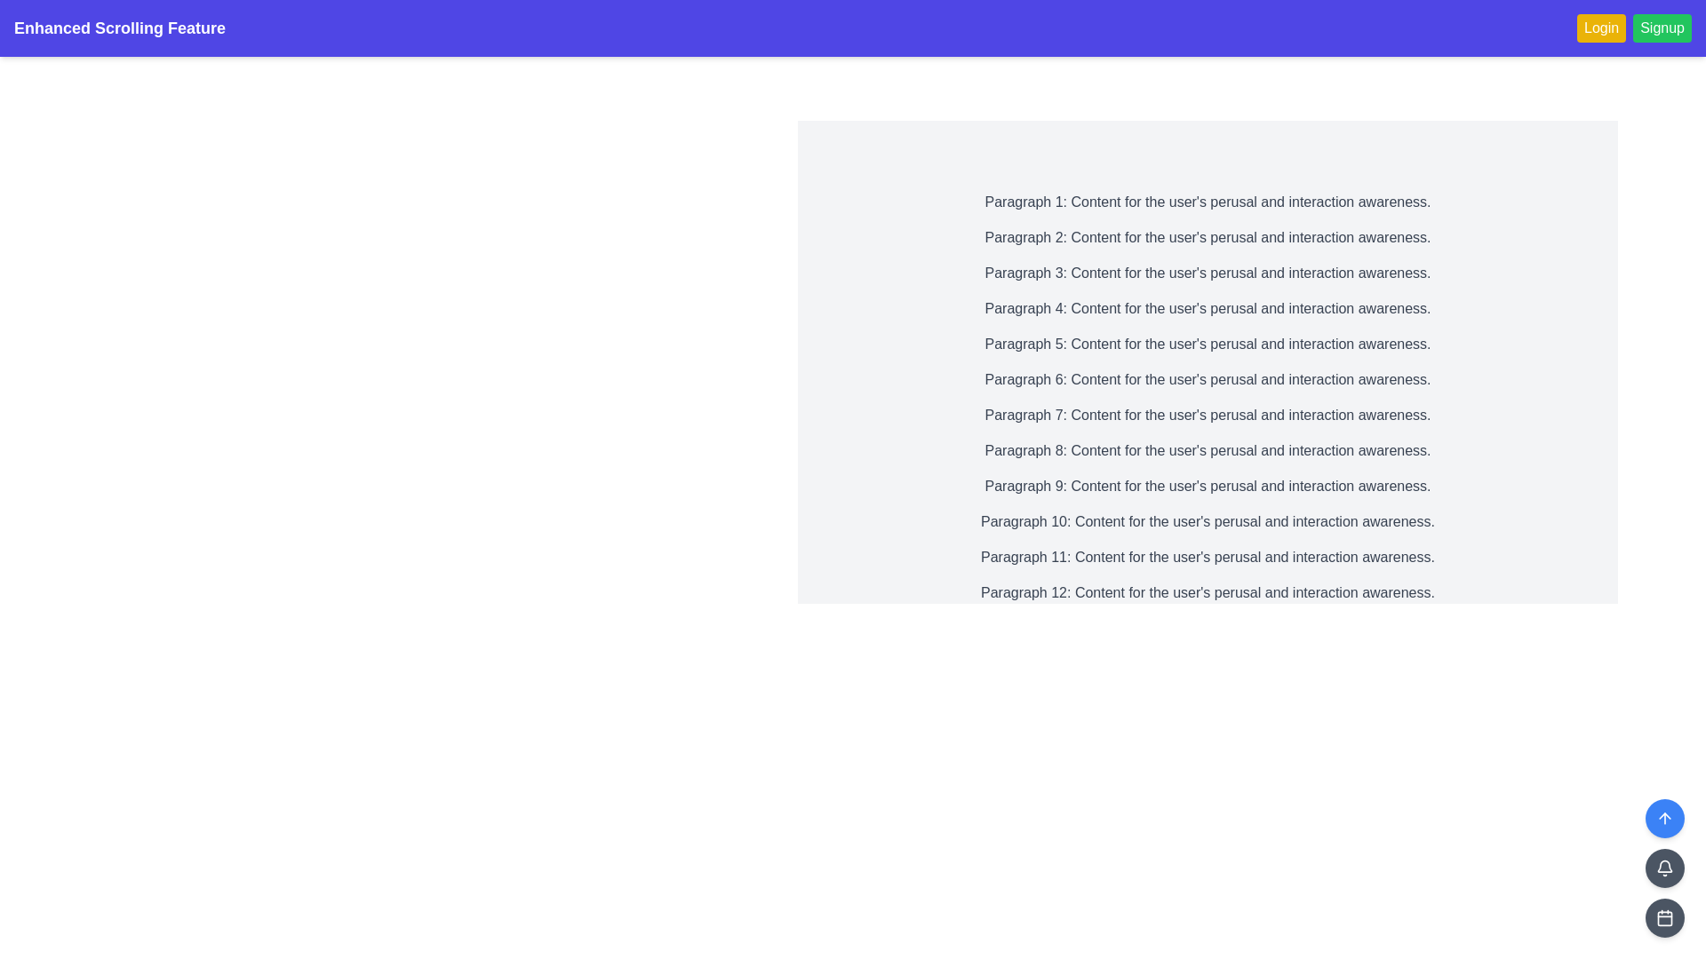  I want to click on the text displayed in the Text element located in the ninth position of a vertically arranged list of paragraphs, between 'Paragraph 8' and 'Paragraph 10', so click(1208, 486).